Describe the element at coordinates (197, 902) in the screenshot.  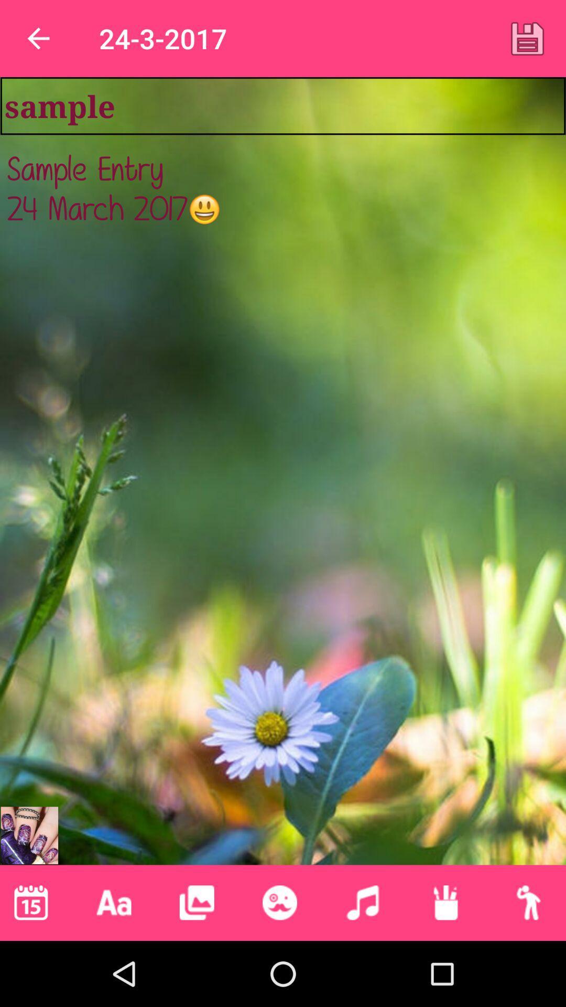
I see `the wallpaper icon` at that location.